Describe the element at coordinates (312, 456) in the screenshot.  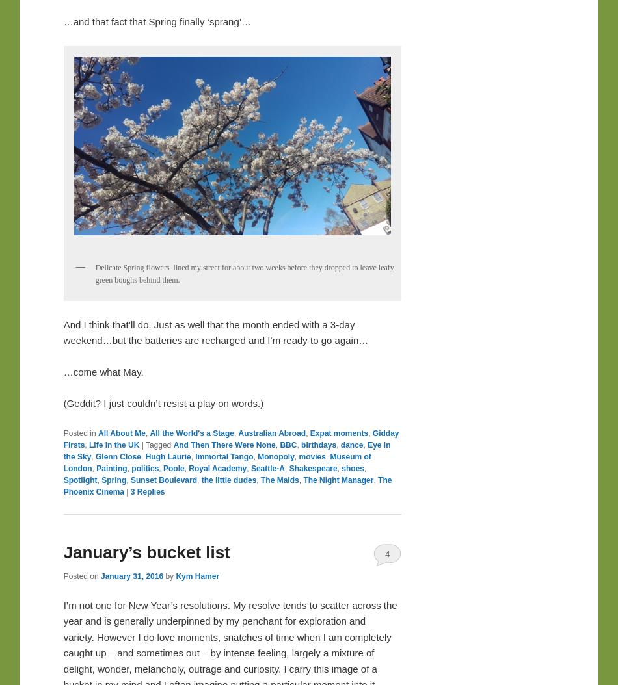
I see `'movies'` at that location.